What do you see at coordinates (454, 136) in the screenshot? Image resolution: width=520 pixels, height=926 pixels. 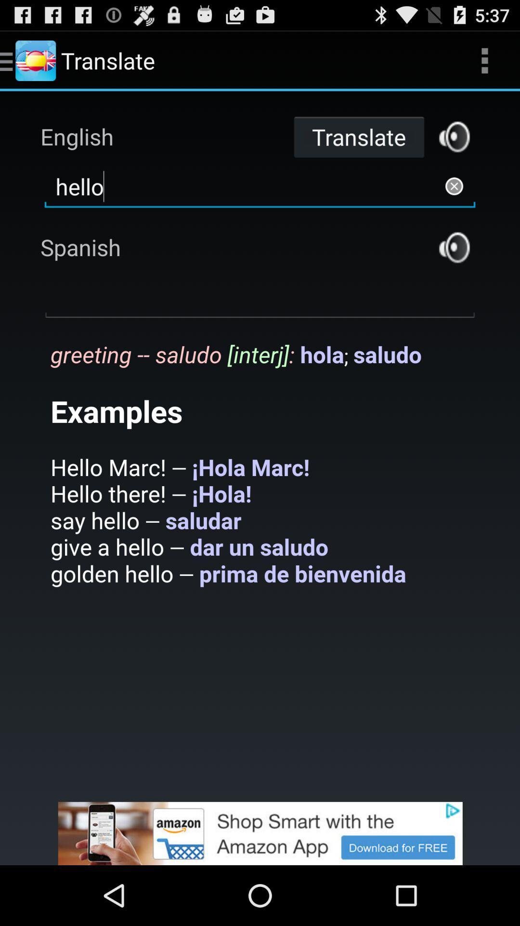 I see `translate` at bounding box center [454, 136].